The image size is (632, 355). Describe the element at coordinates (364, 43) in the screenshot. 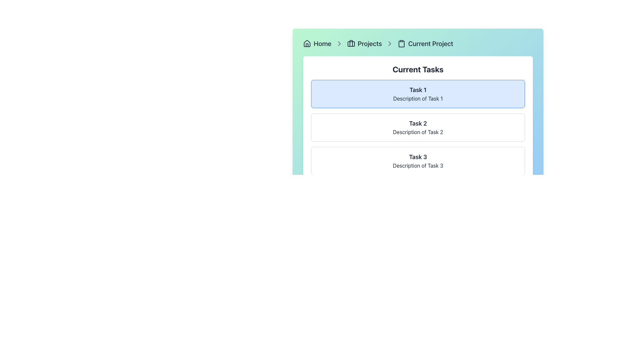

I see `the hyperlink element labeled 'Projects' with a briefcase icon in the breadcrumb navigation bar` at that location.